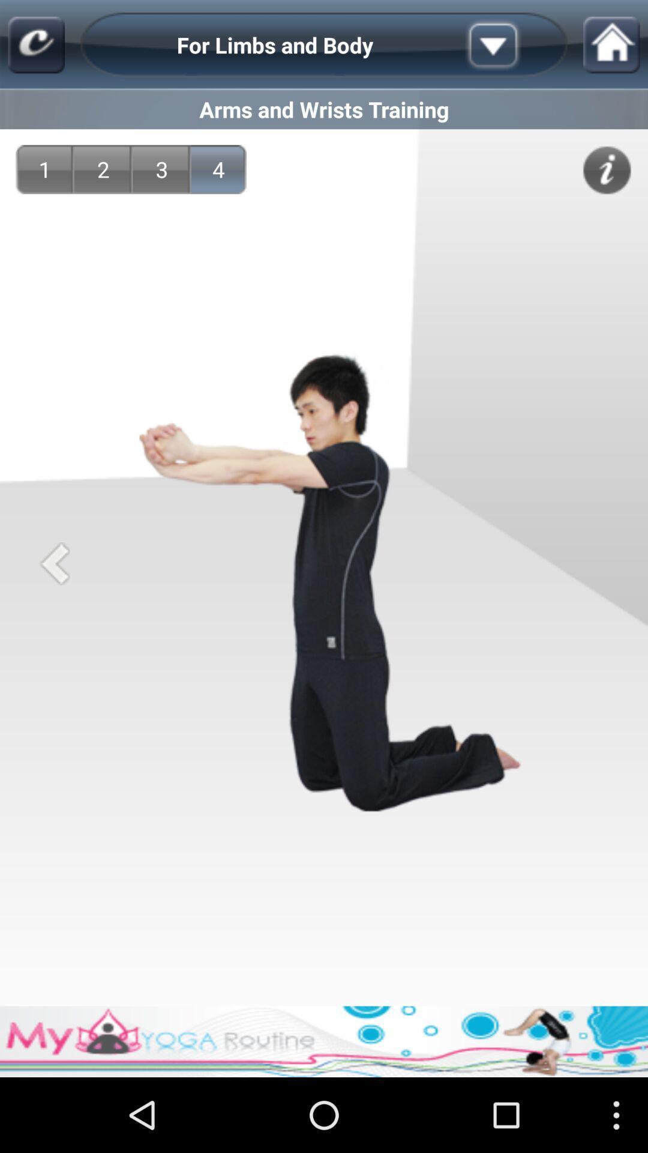 This screenshot has width=648, height=1153. I want to click on item below the arms and wrists app, so click(162, 169).